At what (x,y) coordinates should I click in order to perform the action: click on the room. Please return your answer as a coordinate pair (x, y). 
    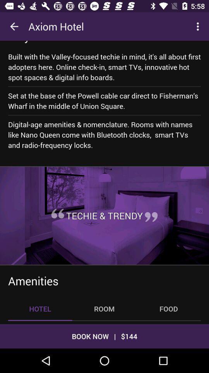
    Looking at the image, I should click on (104, 309).